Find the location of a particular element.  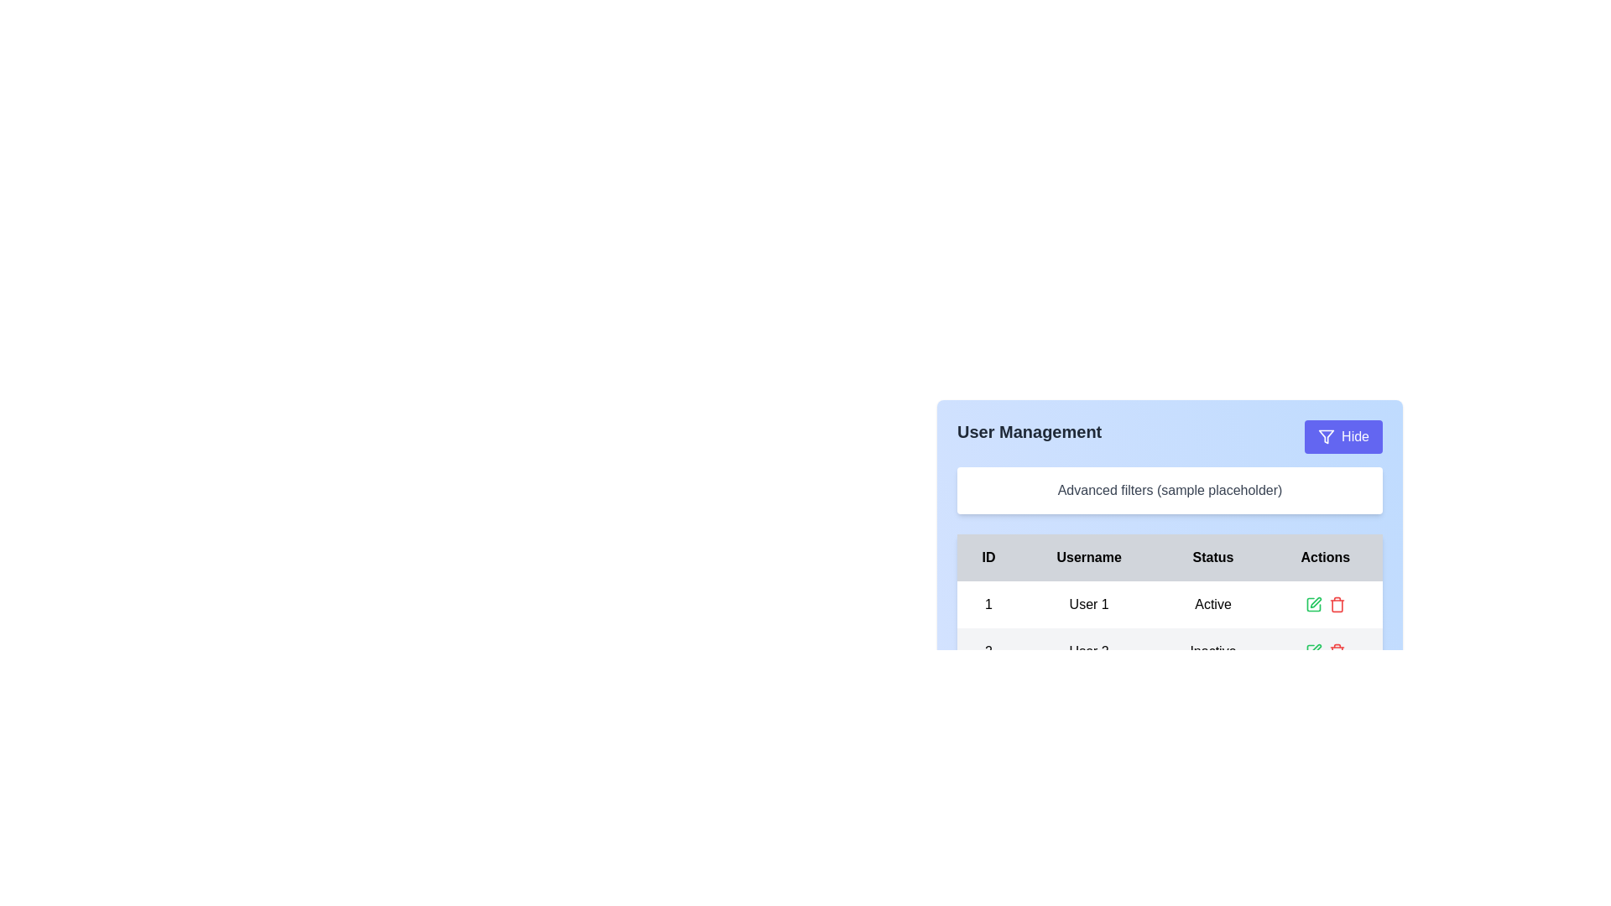

the delete icon in the Actions column of the first row within the user management table is located at coordinates (1324, 605).